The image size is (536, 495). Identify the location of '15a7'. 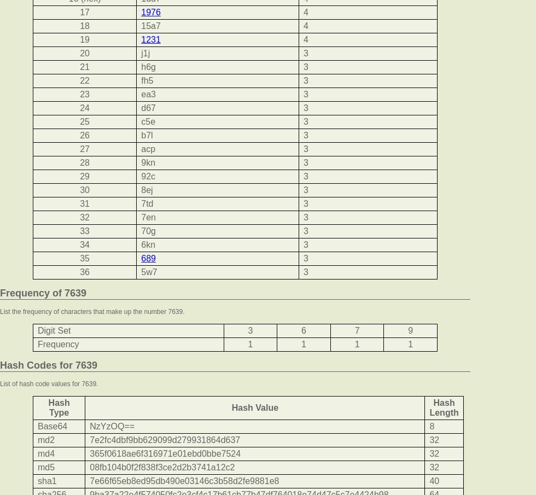
(141, 25).